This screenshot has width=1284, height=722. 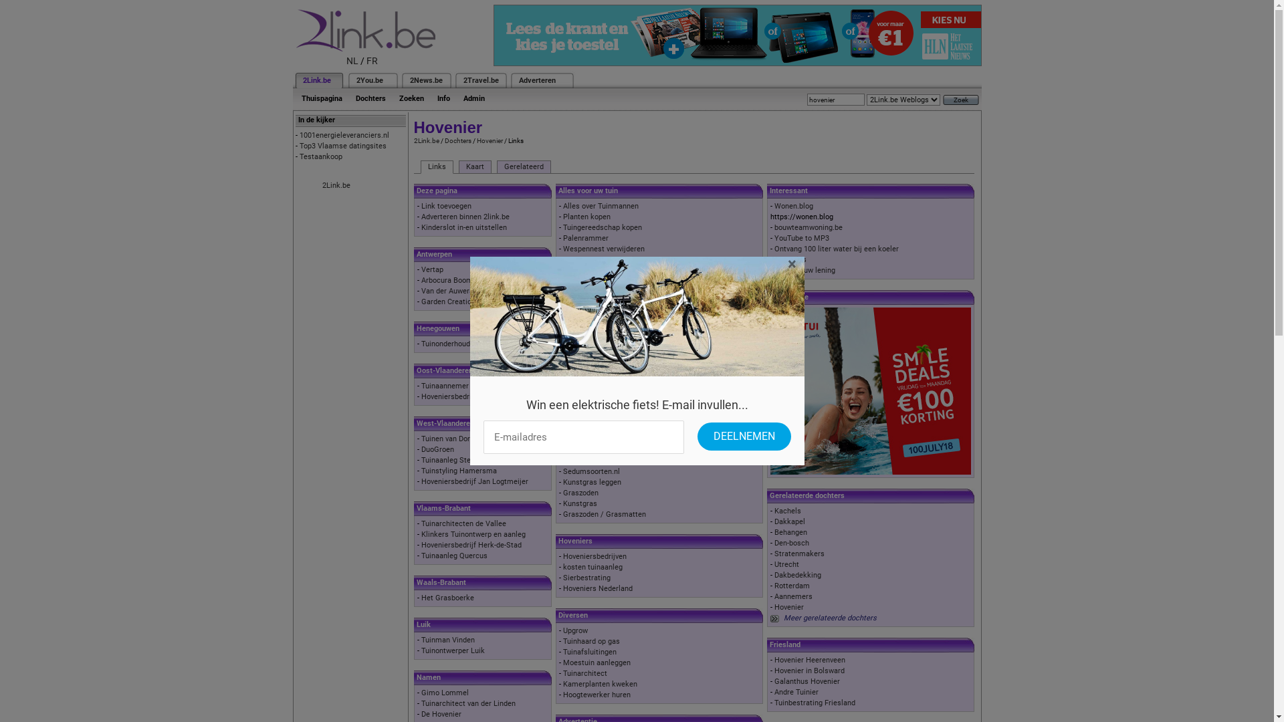 What do you see at coordinates (596, 694) in the screenshot?
I see `'Hoogtewerker huren'` at bounding box center [596, 694].